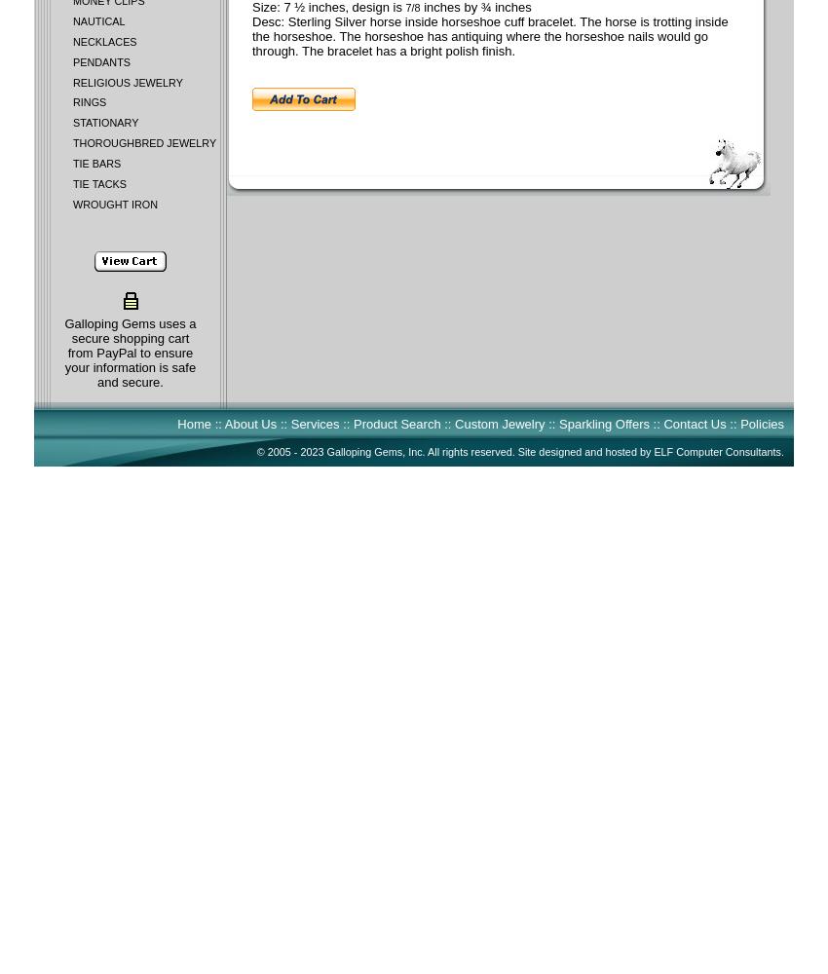 The height and width of the screenshot is (974, 828). Describe the element at coordinates (249, 424) in the screenshot. I see `'About Us'` at that location.